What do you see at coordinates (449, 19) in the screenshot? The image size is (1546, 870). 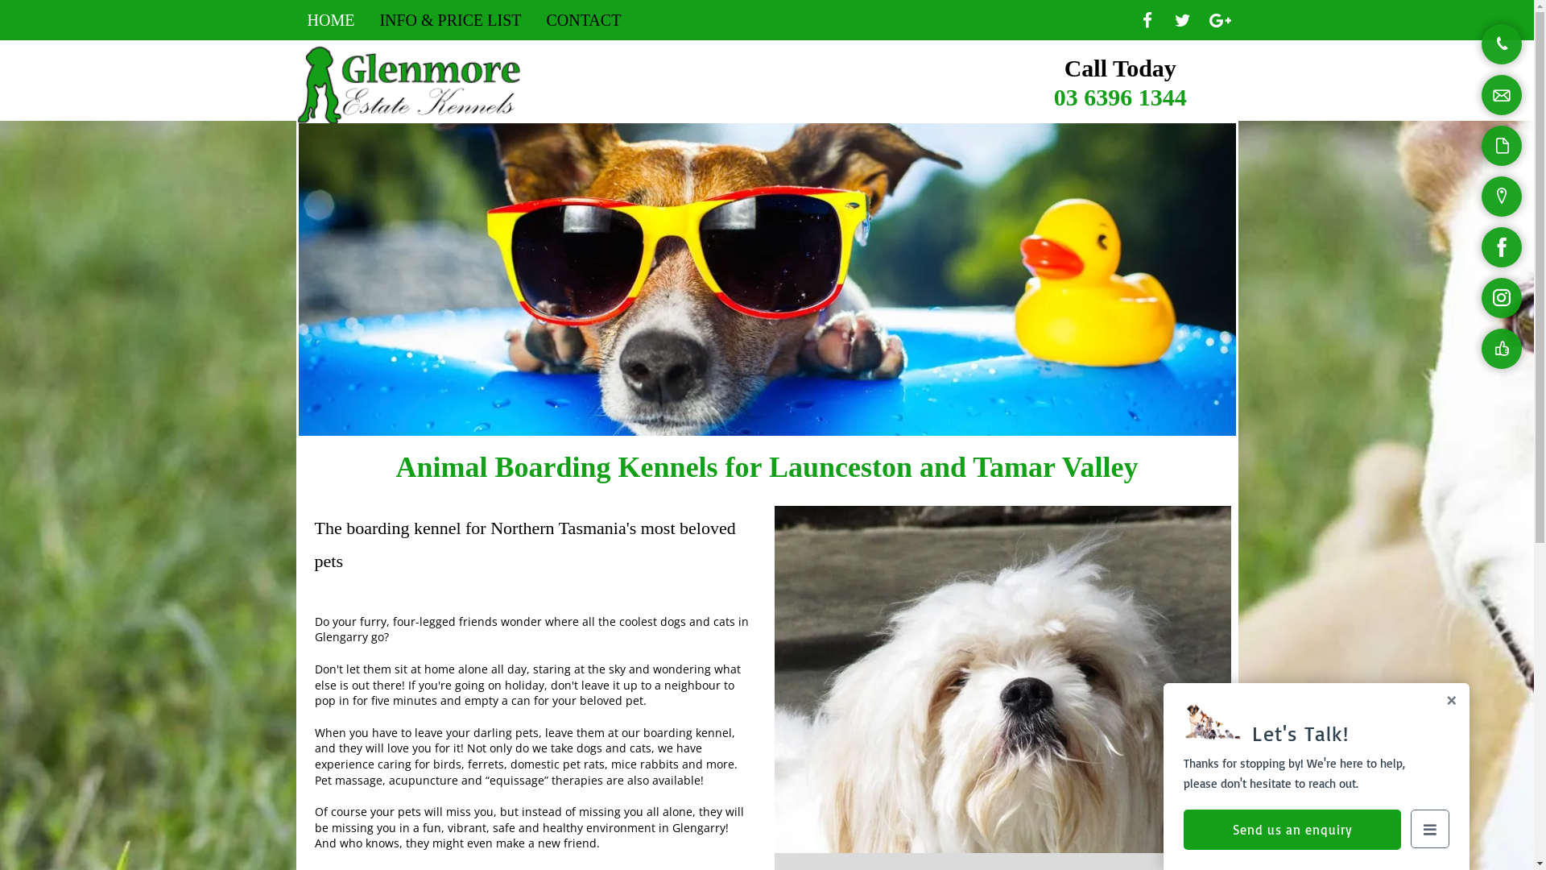 I see `'INFO & PRICE LIST'` at bounding box center [449, 19].